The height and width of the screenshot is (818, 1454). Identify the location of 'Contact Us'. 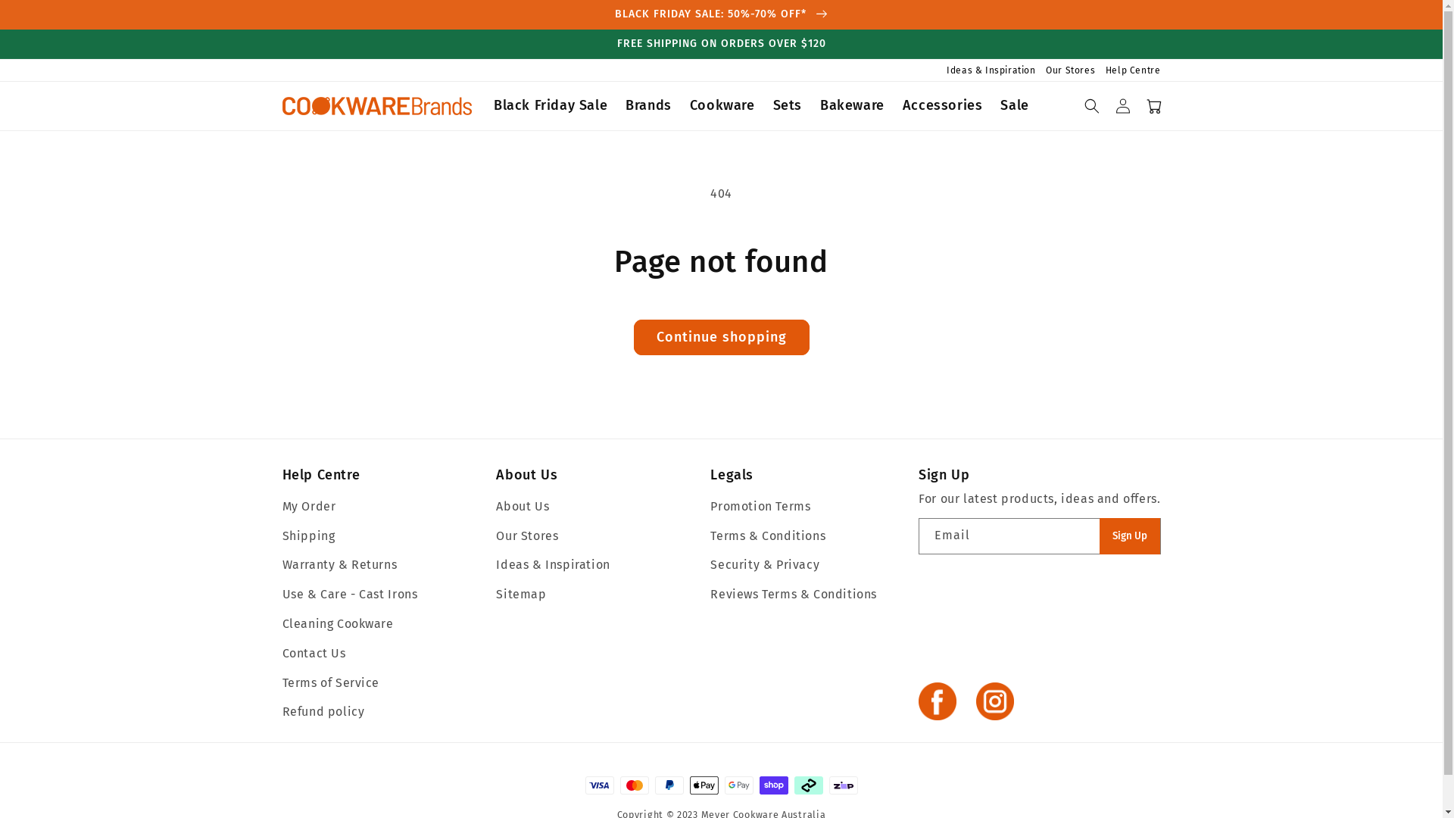
(282, 653).